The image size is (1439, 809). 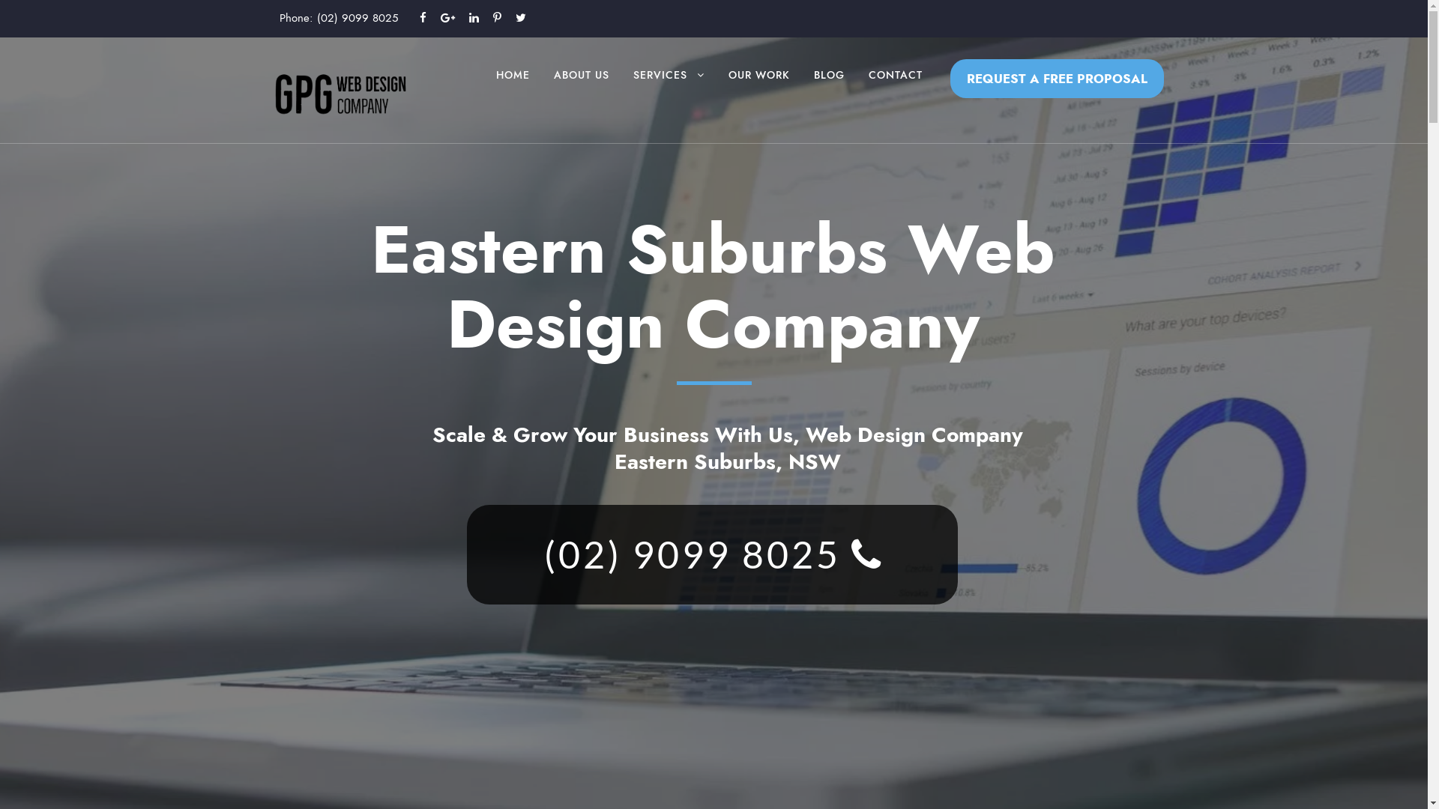 What do you see at coordinates (339, 93) in the screenshot?
I see `'Web Design Company Eastern Suburbs logo1'` at bounding box center [339, 93].